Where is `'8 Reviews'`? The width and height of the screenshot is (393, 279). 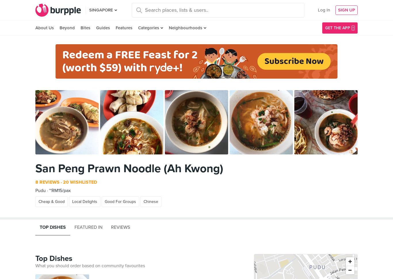 '8 Reviews' is located at coordinates (47, 182).